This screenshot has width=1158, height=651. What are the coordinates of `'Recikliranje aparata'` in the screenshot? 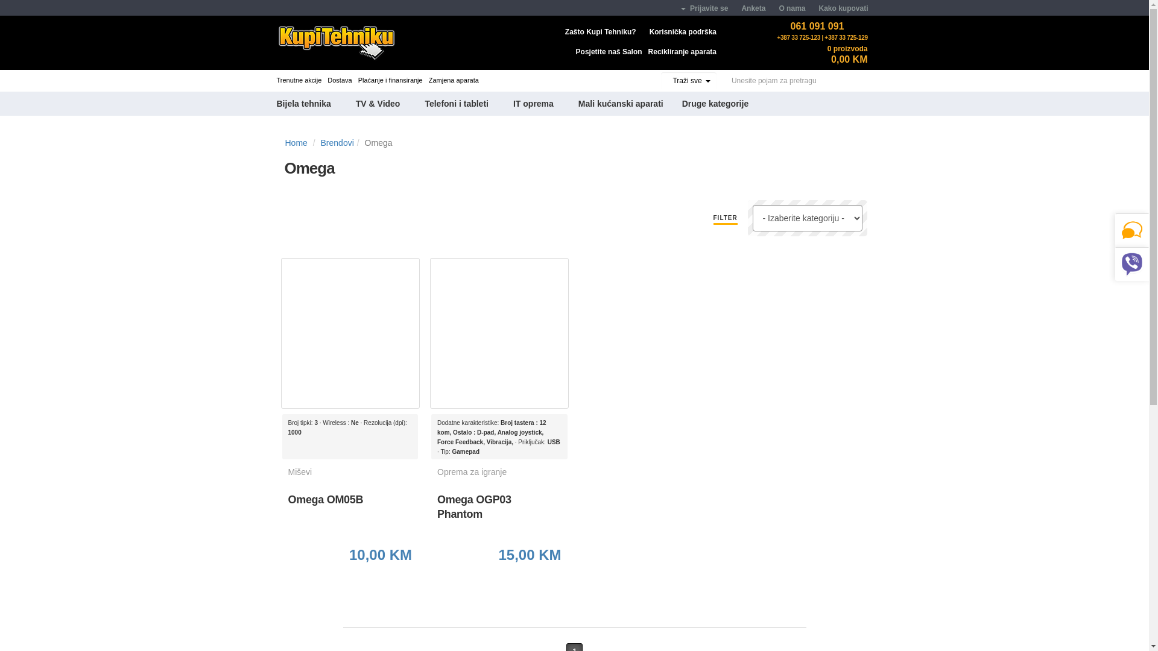 It's located at (683, 51).